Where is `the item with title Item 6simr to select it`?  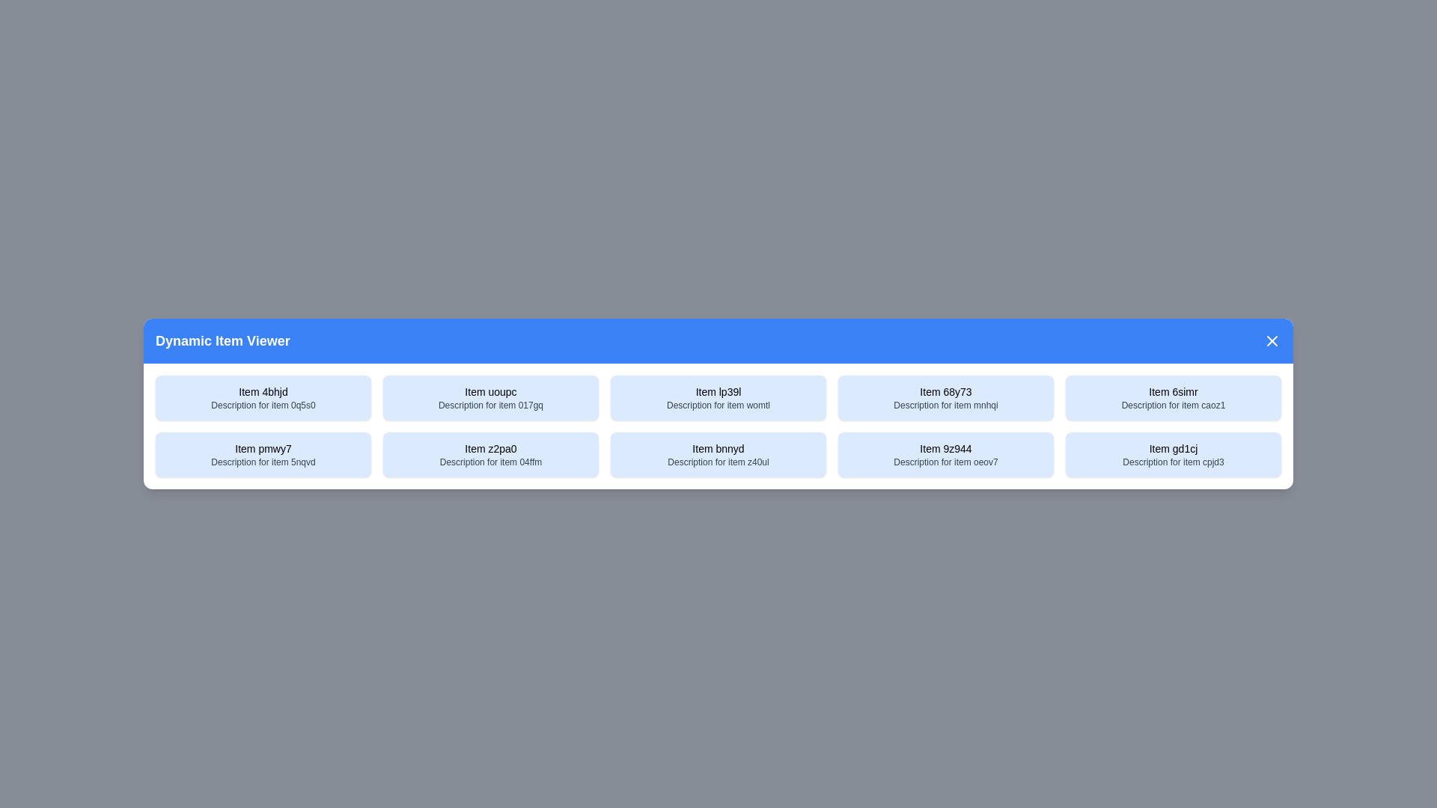
the item with title Item 6simr to select it is located at coordinates (1173, 397).